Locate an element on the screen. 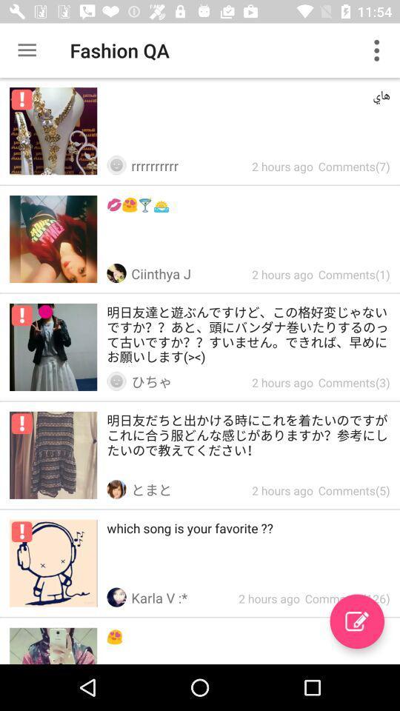  icon next to fashion qa icon is located at coordinates (27, 50).